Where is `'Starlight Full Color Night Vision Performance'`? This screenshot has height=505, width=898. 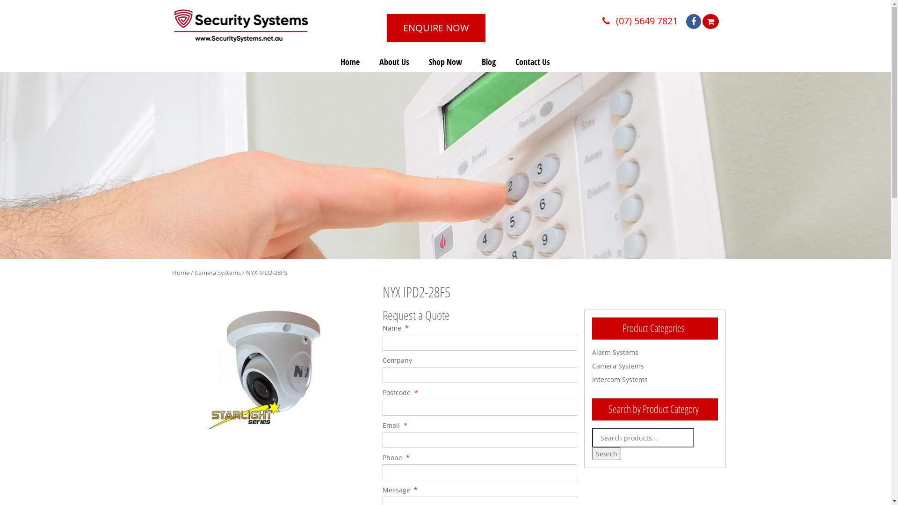 'Starlight Full Color Night Vision Performance' is located at coordinates (269, 368).